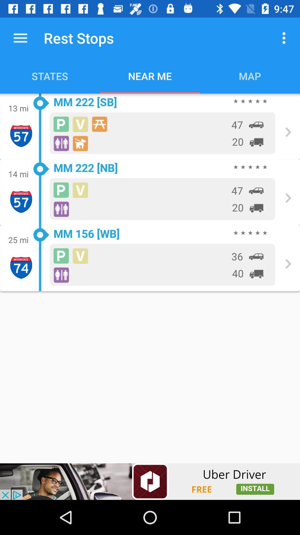  What do you see at coordinates (150, 481) in the screenshot?
I see `launch advertisement` at bounding box center [150, 481].